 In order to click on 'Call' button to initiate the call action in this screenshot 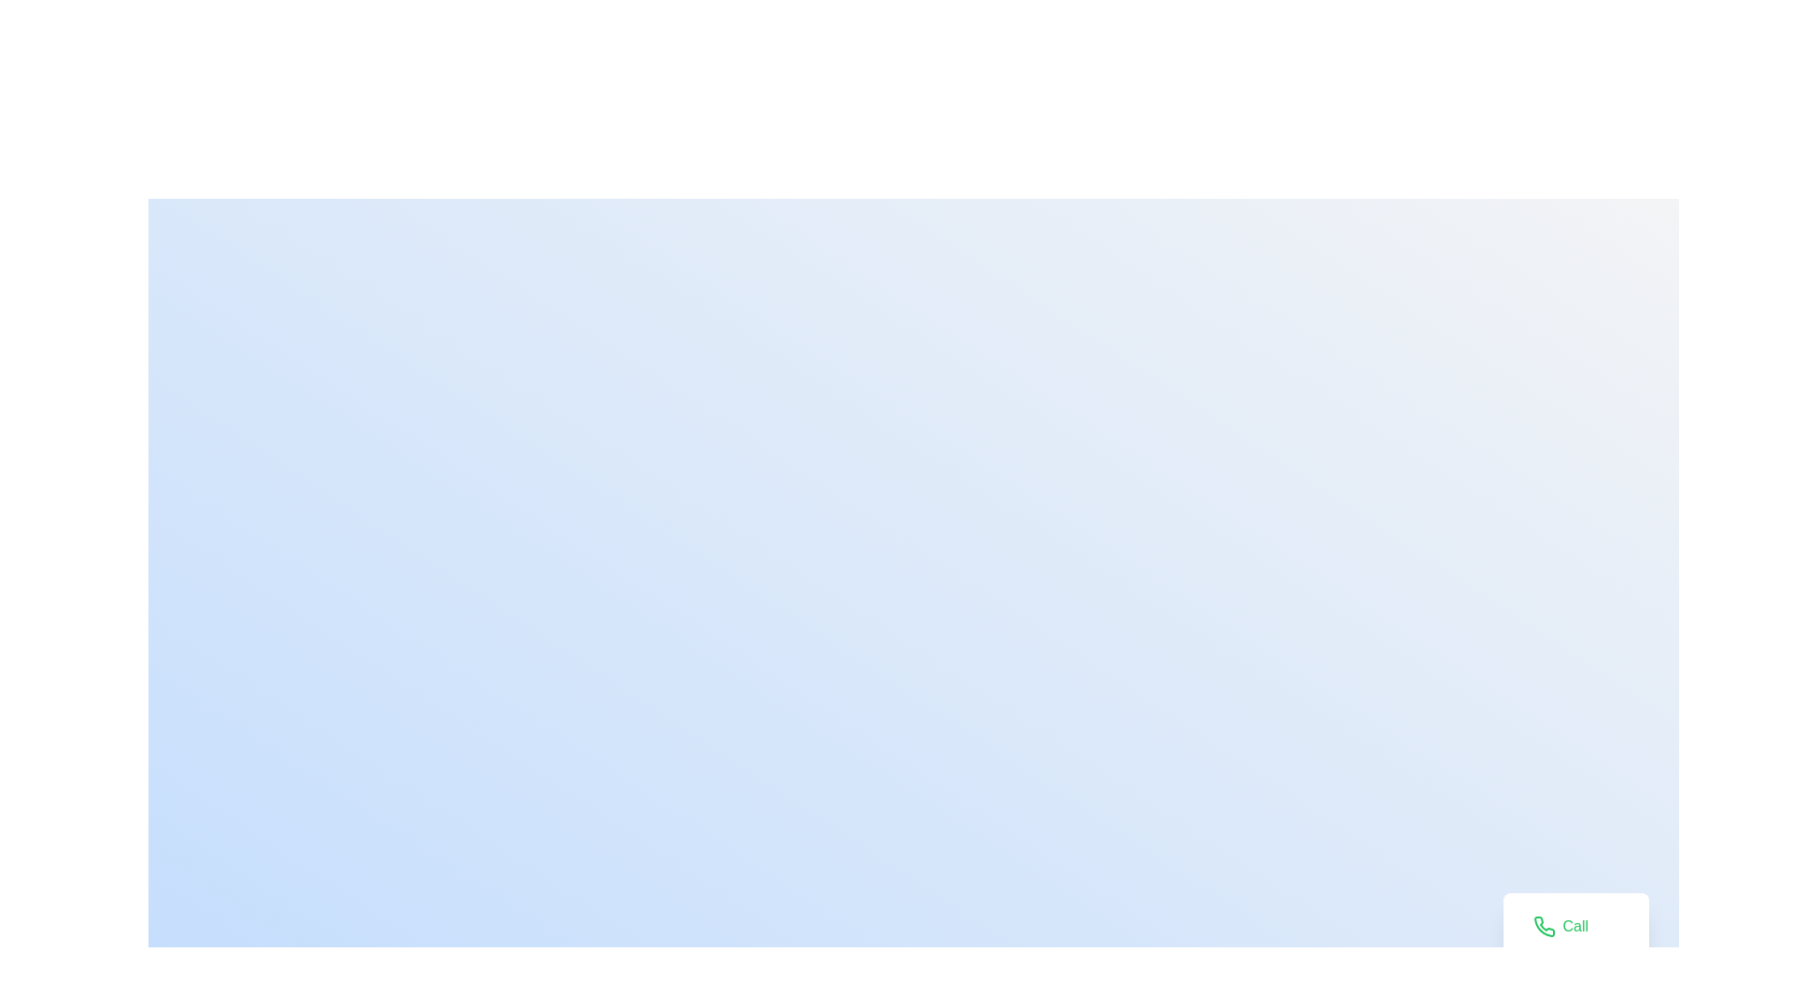, I will do `click(1560, 926)`.